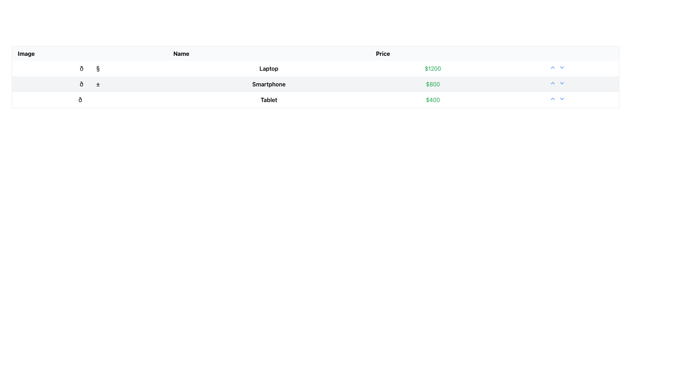 This screenshot has height=384, width=683. Describe the element at coordinates (561, 67) in the screenshot. I see `the downward chevron icon in the first row of the table` at that location.